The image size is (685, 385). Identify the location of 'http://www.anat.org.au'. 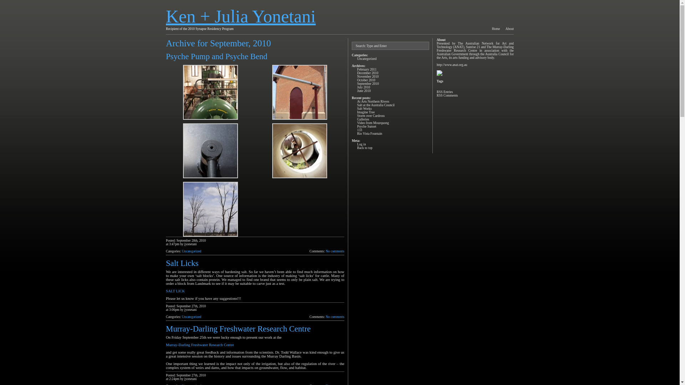
(452, 65).